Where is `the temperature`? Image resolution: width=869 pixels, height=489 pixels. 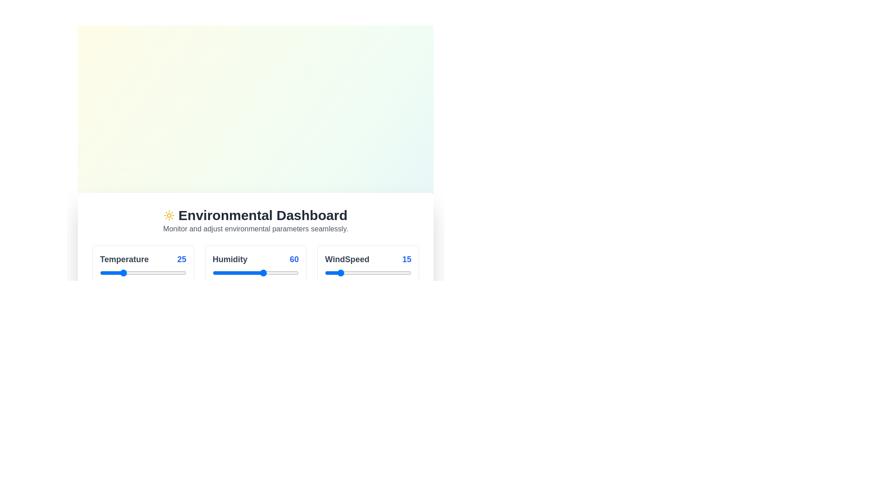
the temperature is located at coordinates (141, 272).